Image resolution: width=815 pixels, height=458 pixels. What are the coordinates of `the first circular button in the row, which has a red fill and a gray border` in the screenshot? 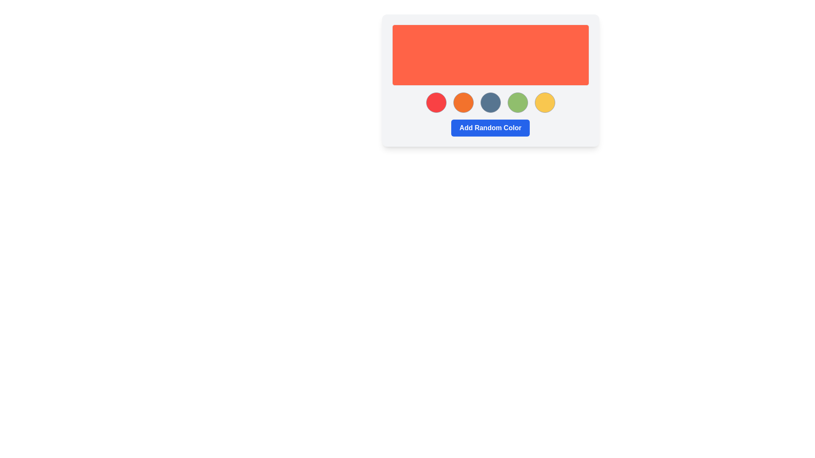 It's located at (436, 102).